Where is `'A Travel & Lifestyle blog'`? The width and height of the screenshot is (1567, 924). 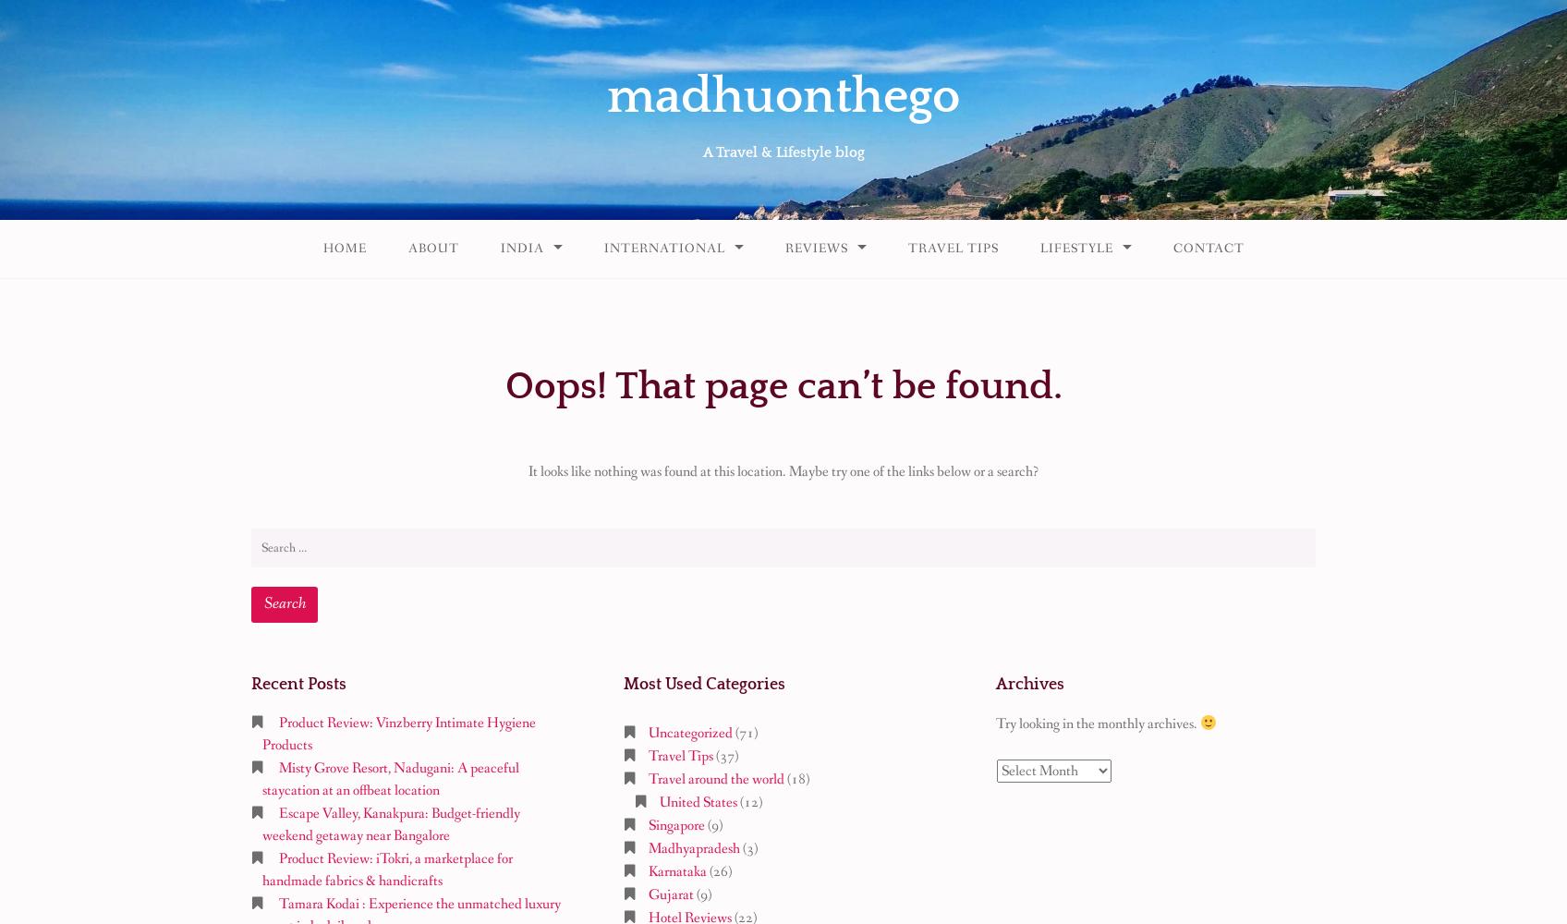
'A Travel & Lifestyle blog' is located at coordinates (701, 152).